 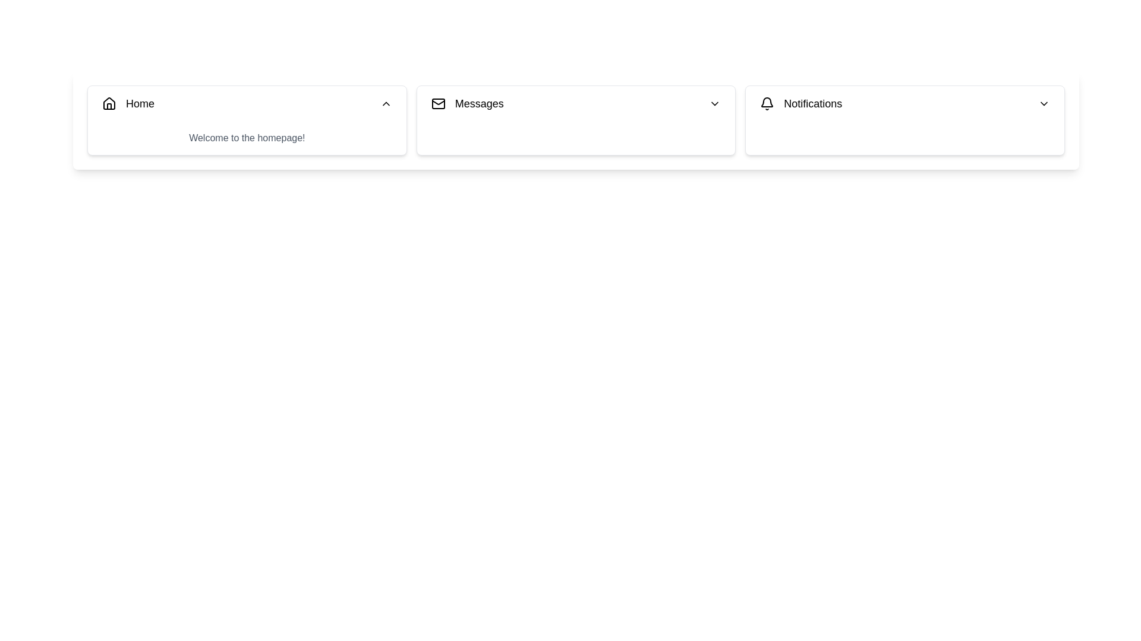 I want to click on the vertical rectangular shape representing a door icon within the house icon located in the lower portion of the graphical house icon in the application header, so click(x=109, y=106).